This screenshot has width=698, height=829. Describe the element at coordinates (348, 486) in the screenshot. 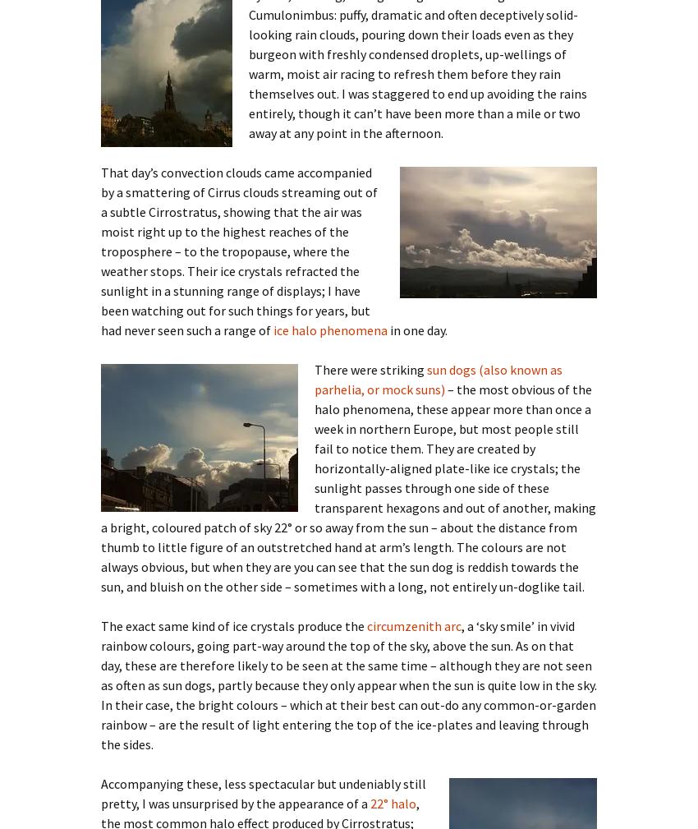

I see `'– the most obvious of the halo phenomena, these appear more than once a week in northern Europe, but most people still fail to notice them. They are created by horizontally-aligned plate-like ice crystals; the sunlight passes through one side of these transparent hexagons and out of another, making a bright, coloured patch of sky 22° or so away from the sun – about the distance from thumb to little figure of an outstretched hand at arm’s length. The colours are not always obvious, but when they are you can see that the sun dog is reddish towards the sun, and bluish on the other side – sometimes with a long, not entirely un-doglike tail.'` at that location.